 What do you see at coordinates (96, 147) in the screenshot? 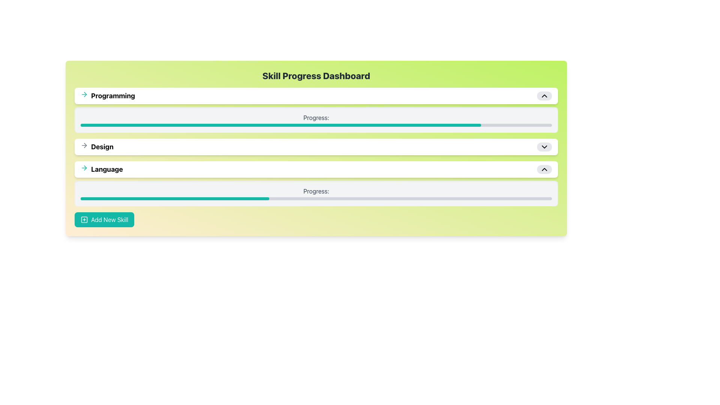
I see `the Text label indicating the subsection of 'Design' in the Skill Progress Dashboard, positioned between 'Programming' and 'Language'` at bounding box center [96, 147].